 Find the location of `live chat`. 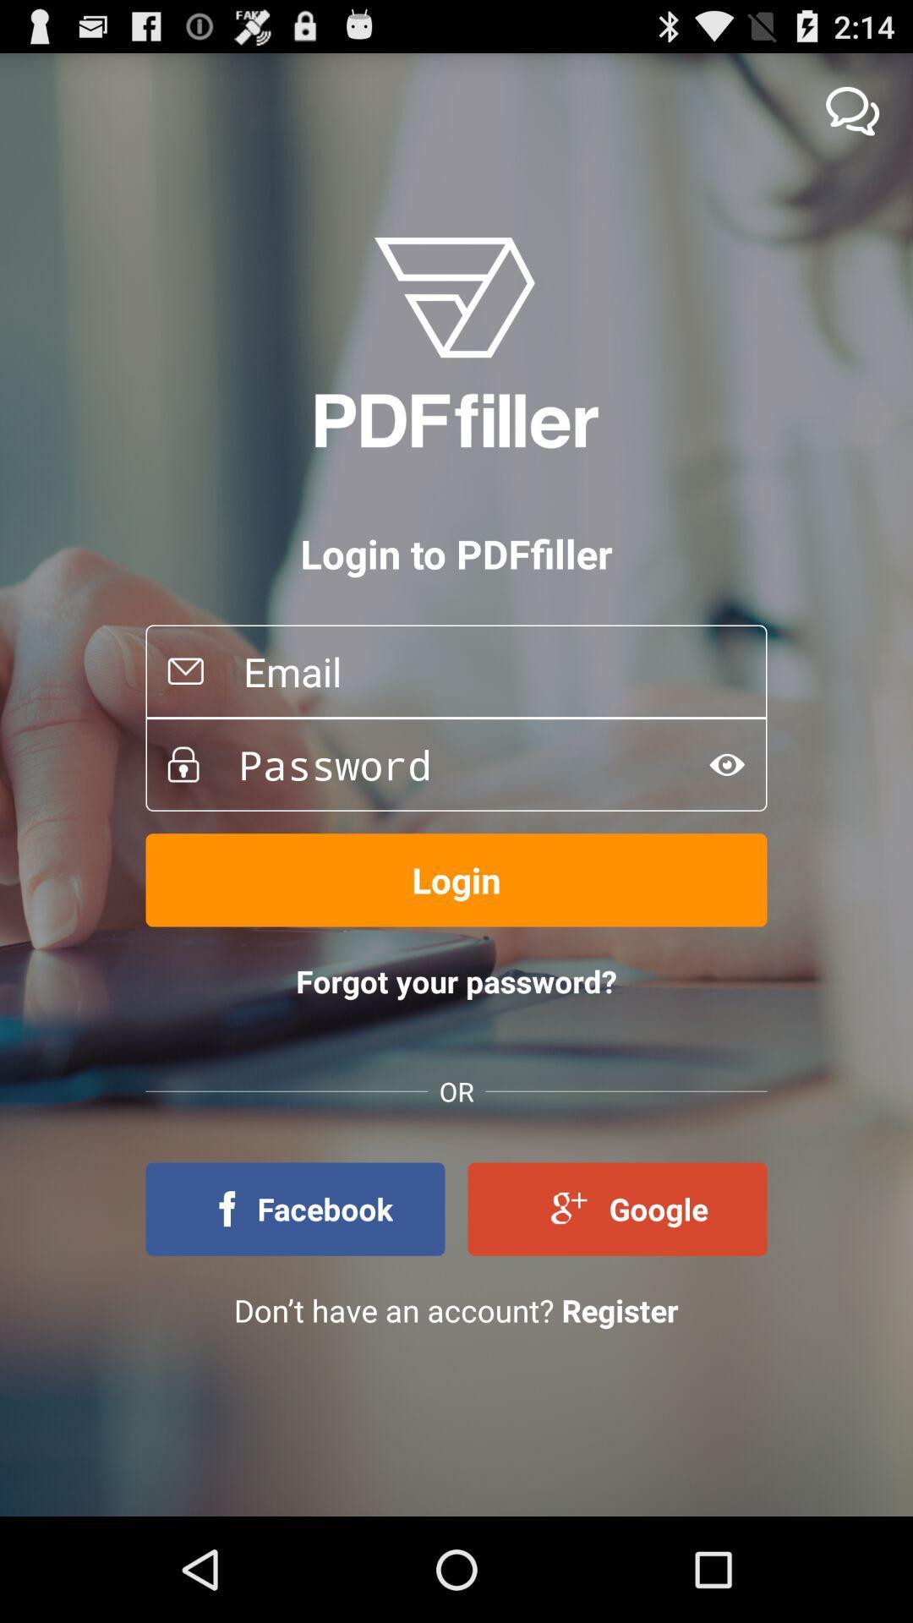

live chat is located at coordinates (852, 110).